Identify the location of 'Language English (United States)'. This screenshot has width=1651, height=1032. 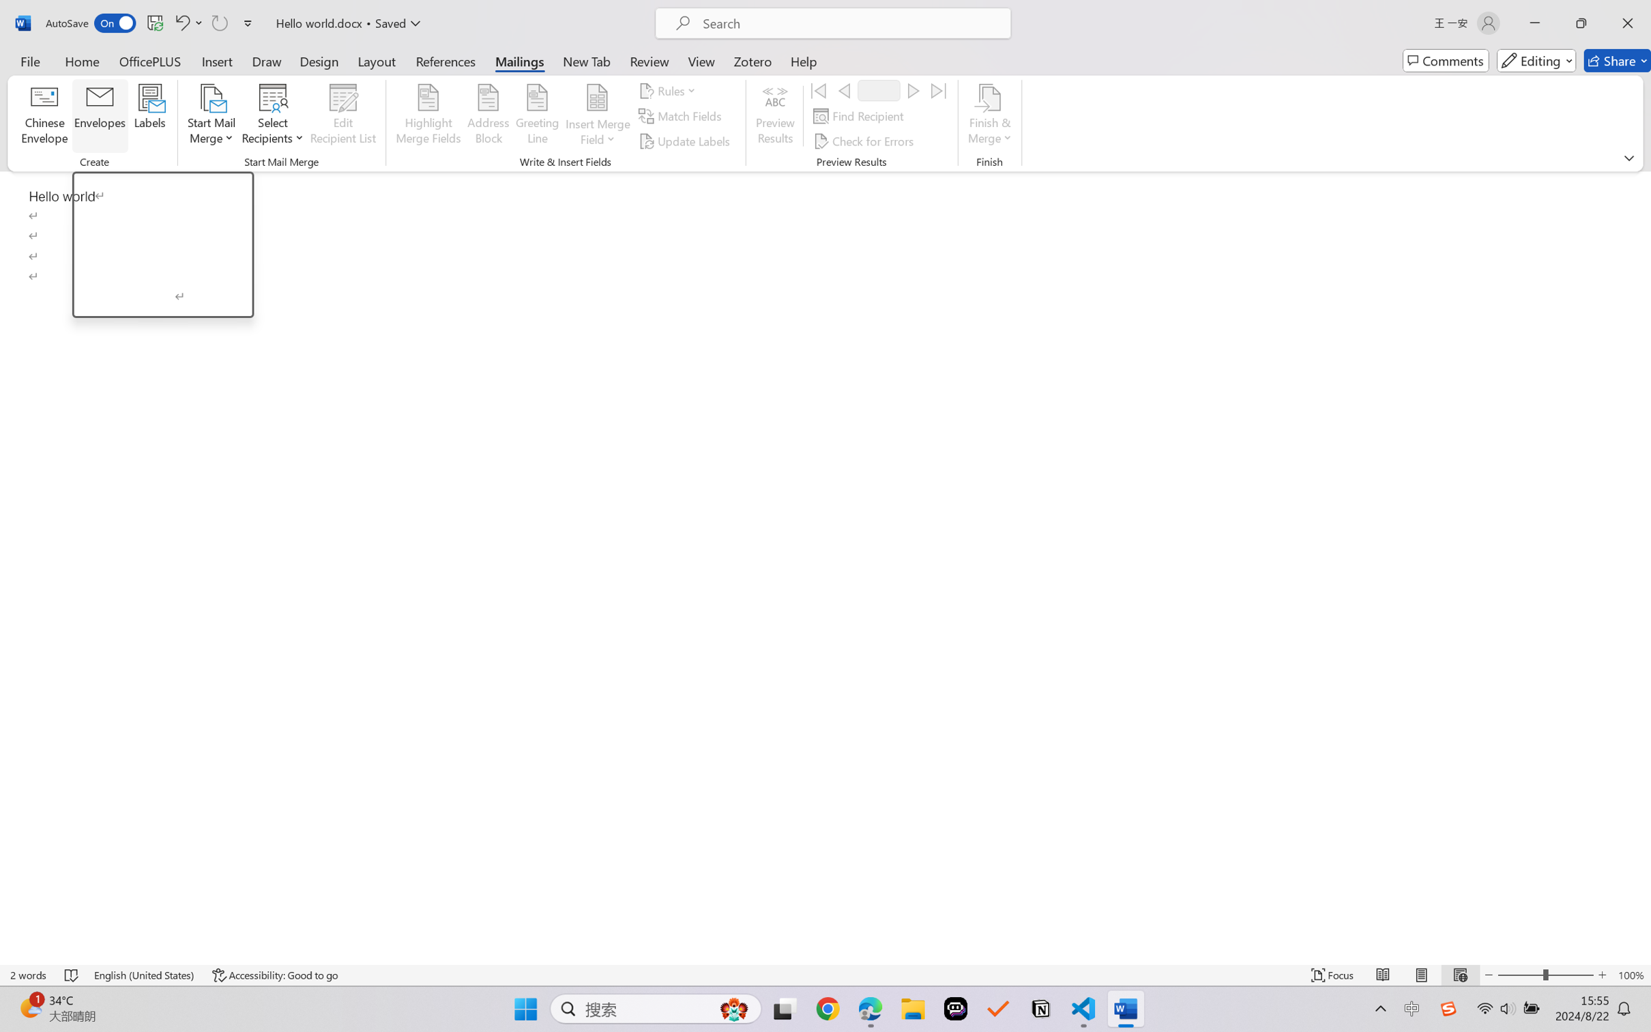
(145, 975).